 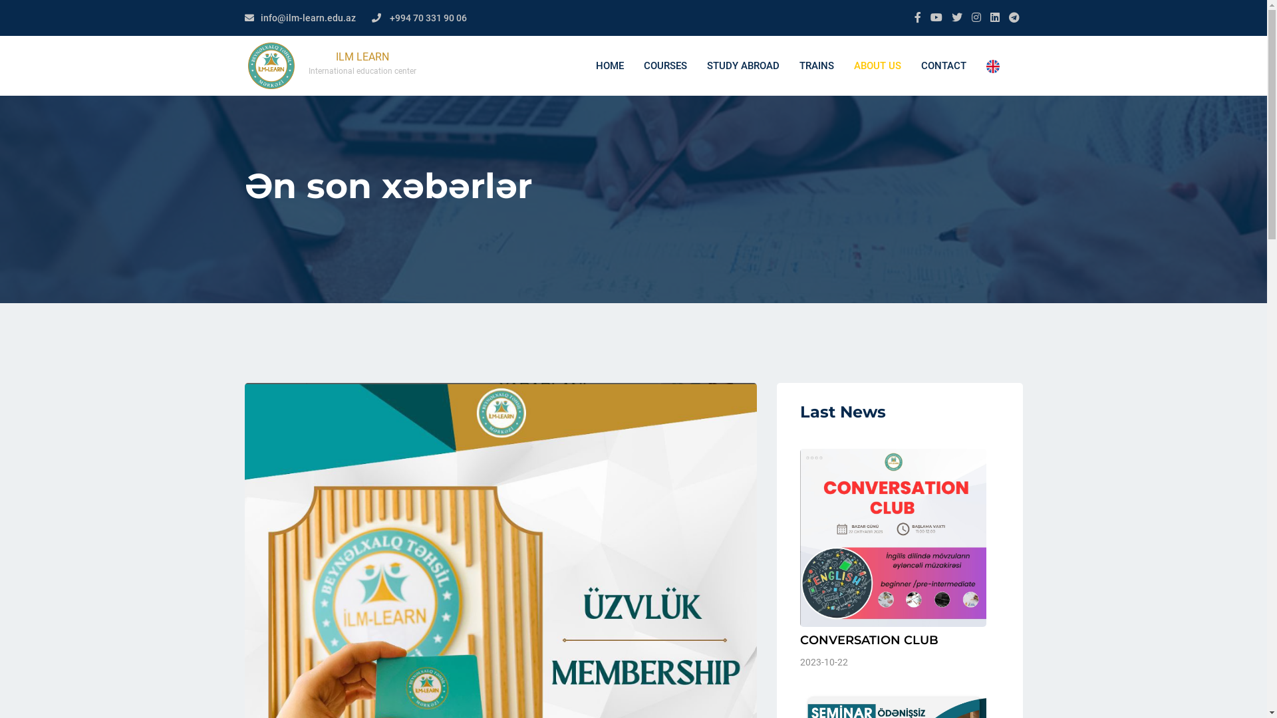 What do you see at coordinates (609, 66) in the screenshot?
I see `'HOME'` at bounding box center [609, 66].